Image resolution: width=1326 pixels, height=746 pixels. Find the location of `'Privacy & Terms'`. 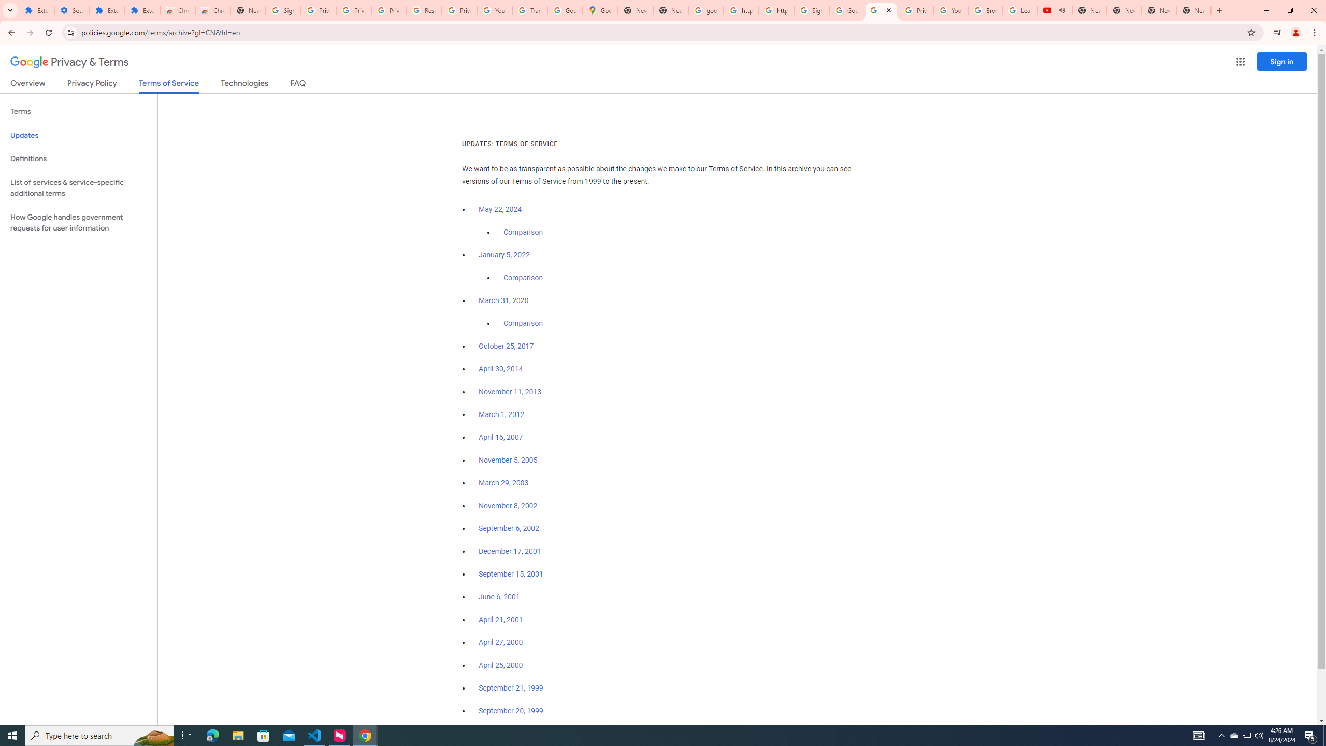

'Privacy & Terms' is located at coordinates (69, 62).